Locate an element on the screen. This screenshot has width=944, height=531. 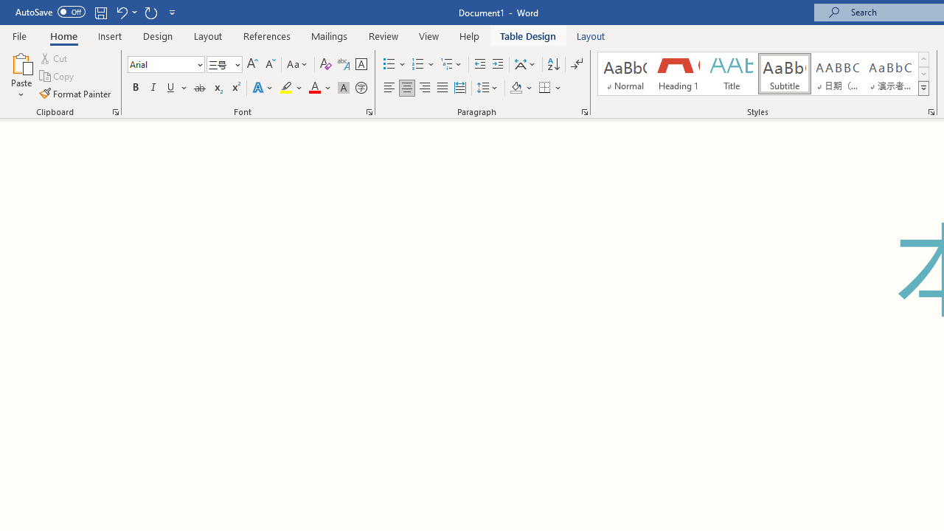
'Text Effects and Typography' is located at coordinates (263, 88).